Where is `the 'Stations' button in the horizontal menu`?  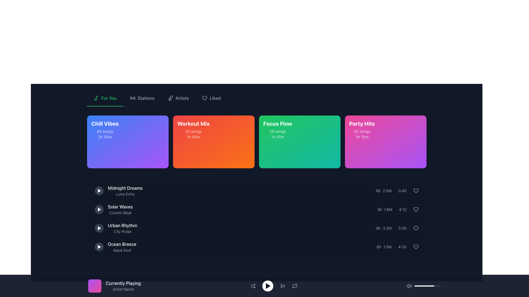
the 'Stations' button in the horizontal menu is located at coordinates (142, 98).